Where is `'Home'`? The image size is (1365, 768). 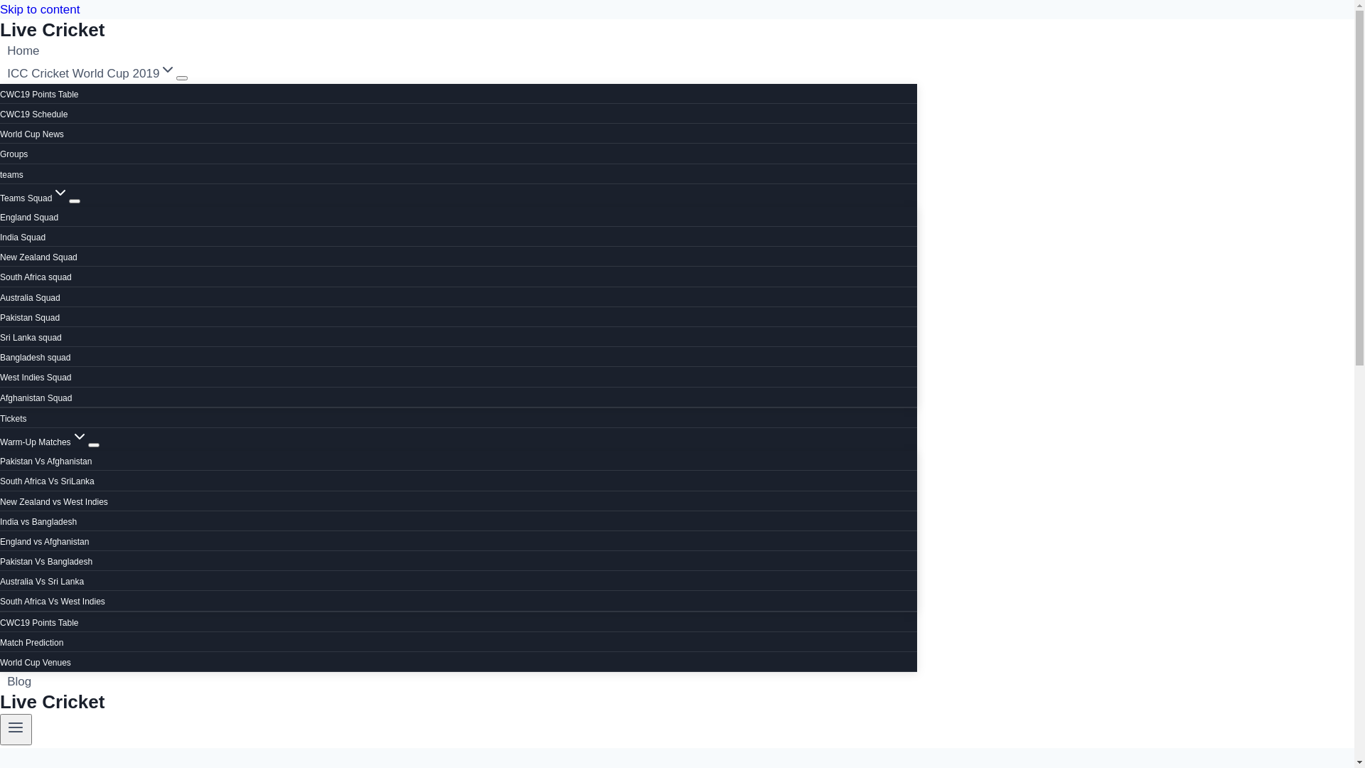
'Home' is located at coordinates (23, 50).